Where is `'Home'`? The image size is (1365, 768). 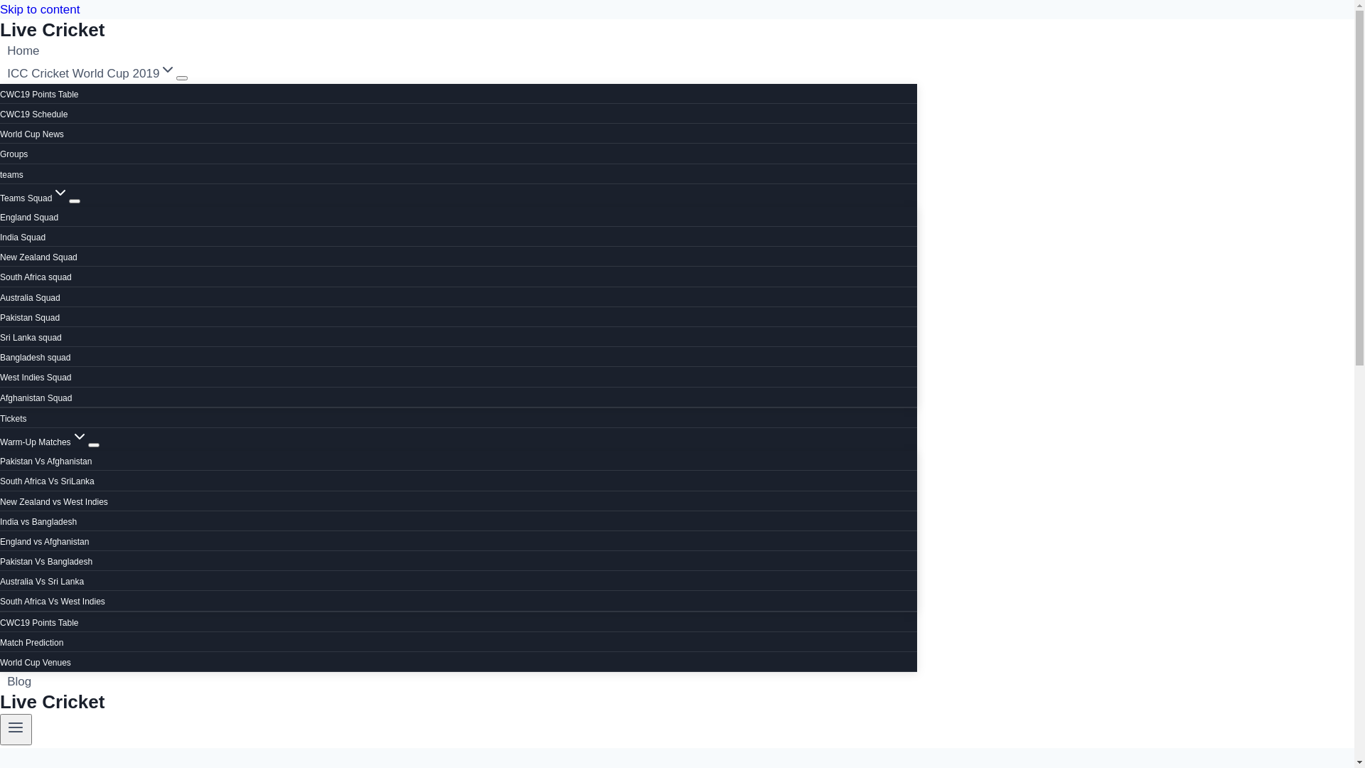
'Home' is located at coordinates (23, 50).